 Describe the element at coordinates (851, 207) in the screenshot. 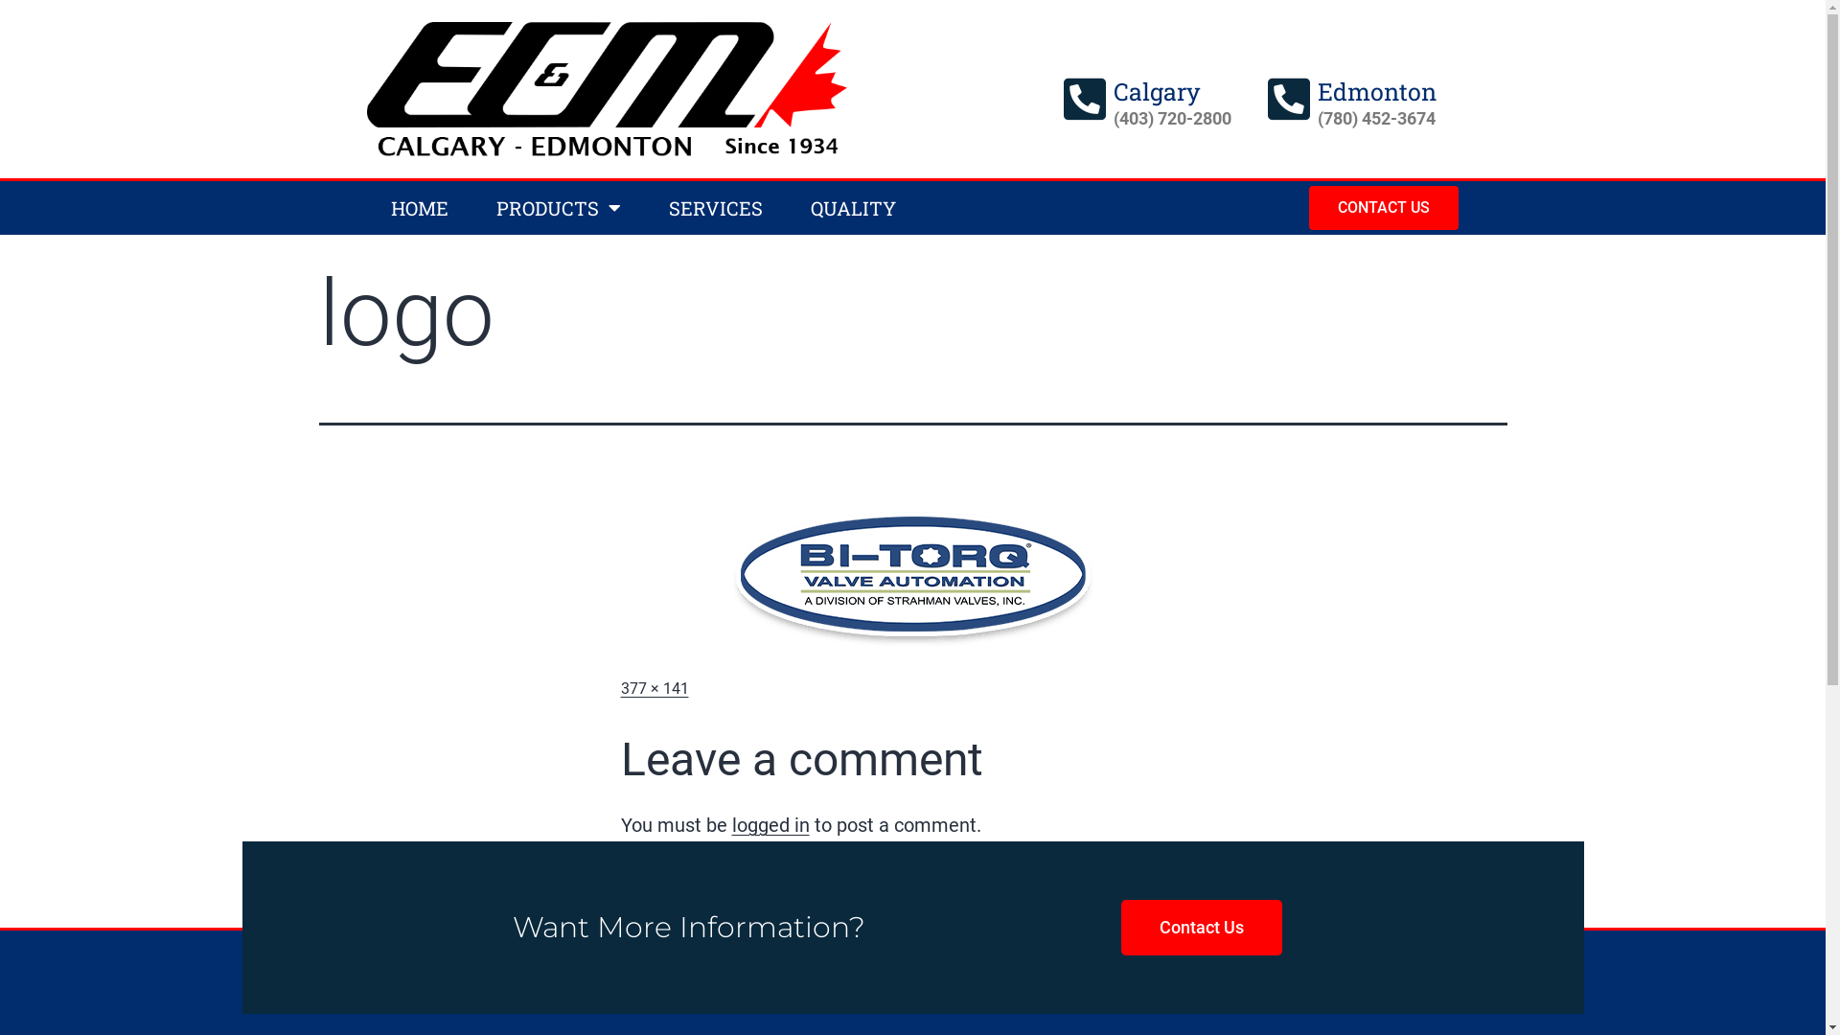

I see `'QUALITY'` at that location.